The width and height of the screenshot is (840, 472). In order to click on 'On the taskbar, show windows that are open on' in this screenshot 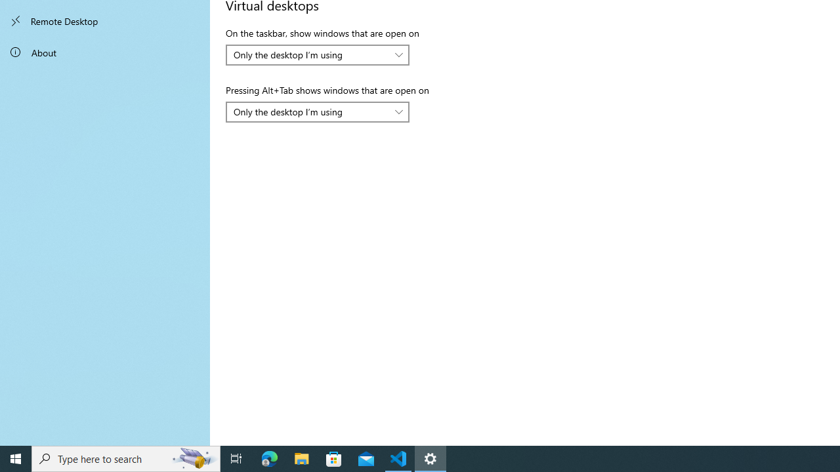, I will do `click(318, 54)`.